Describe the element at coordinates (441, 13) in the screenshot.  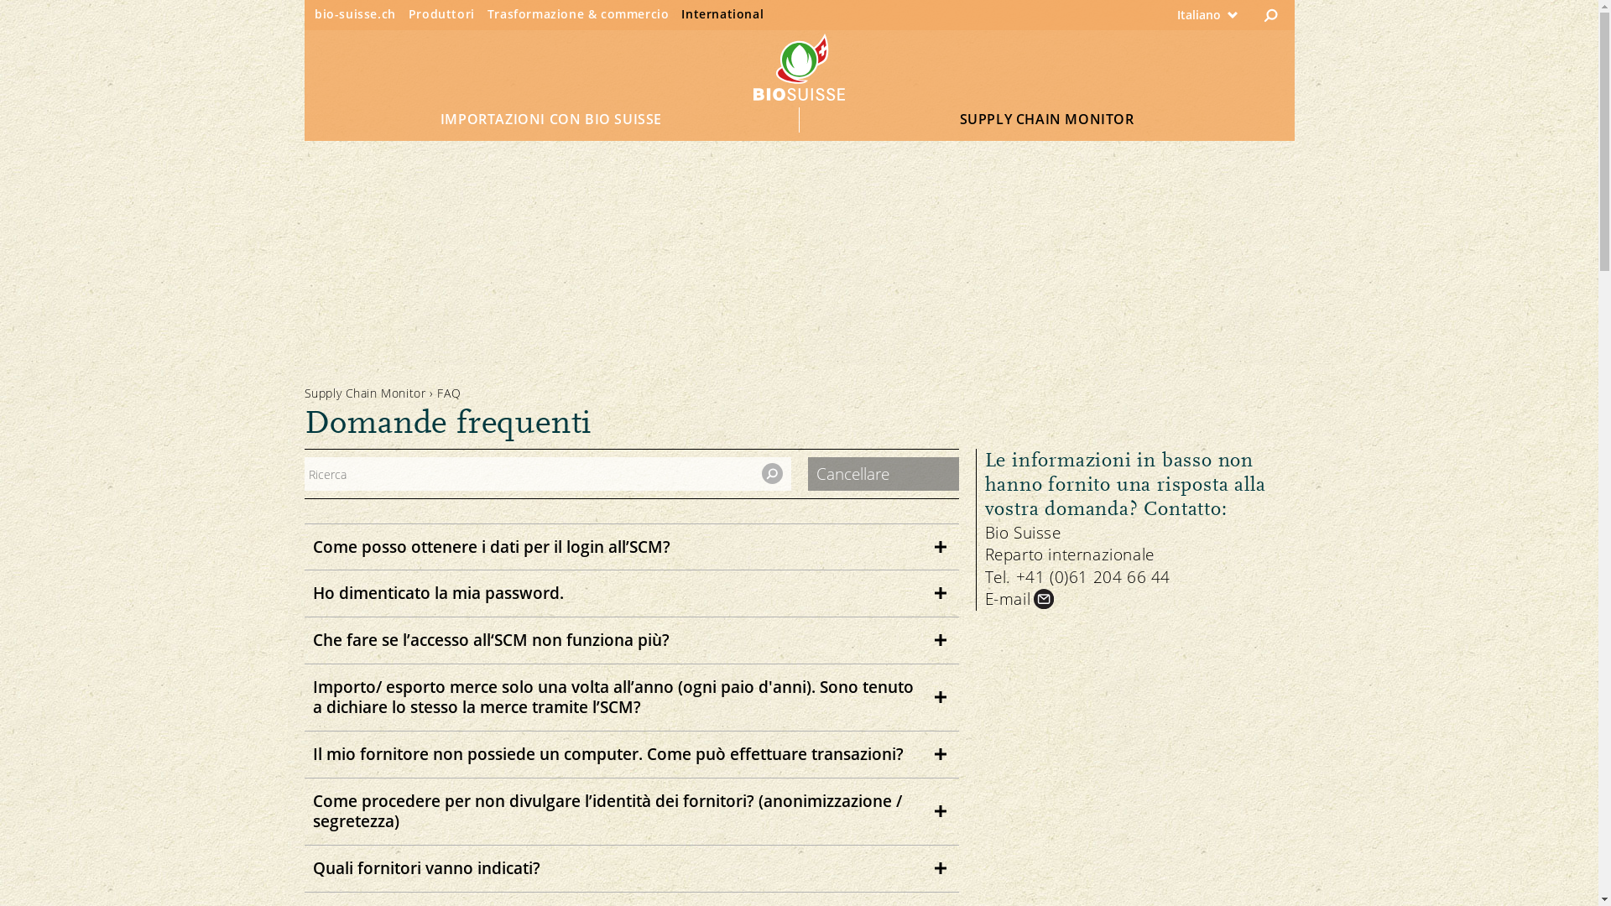
I see `'Produttori'` at that location.